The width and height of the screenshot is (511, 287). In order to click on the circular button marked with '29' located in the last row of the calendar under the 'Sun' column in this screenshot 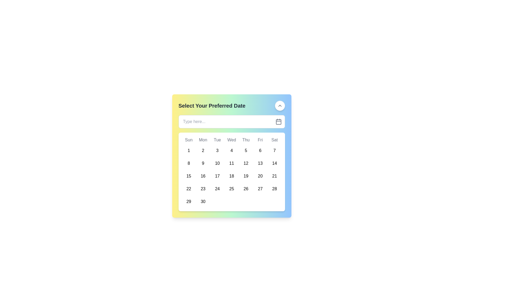, I will do `click(189, 202)`.